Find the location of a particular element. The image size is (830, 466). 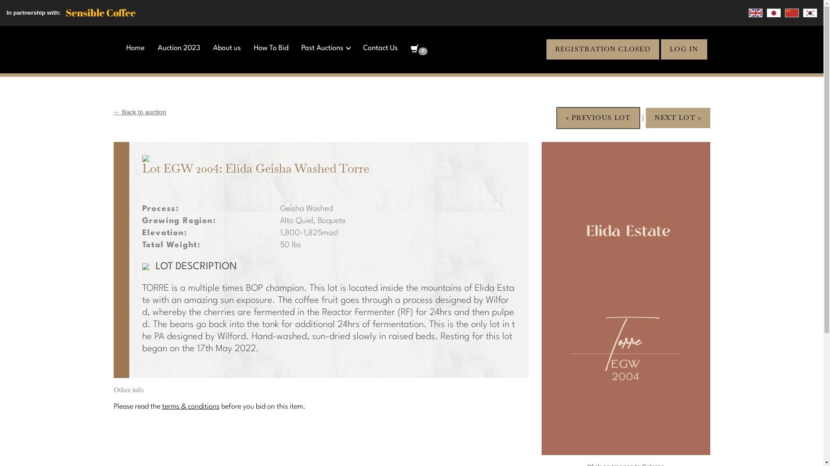

'0' is located at coordinates (419, 50).